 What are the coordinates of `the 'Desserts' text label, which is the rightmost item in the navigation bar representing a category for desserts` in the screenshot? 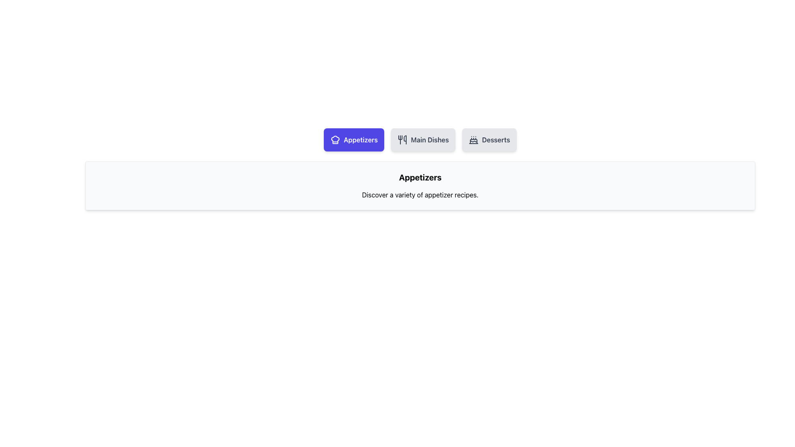 It's located at (496, 139).